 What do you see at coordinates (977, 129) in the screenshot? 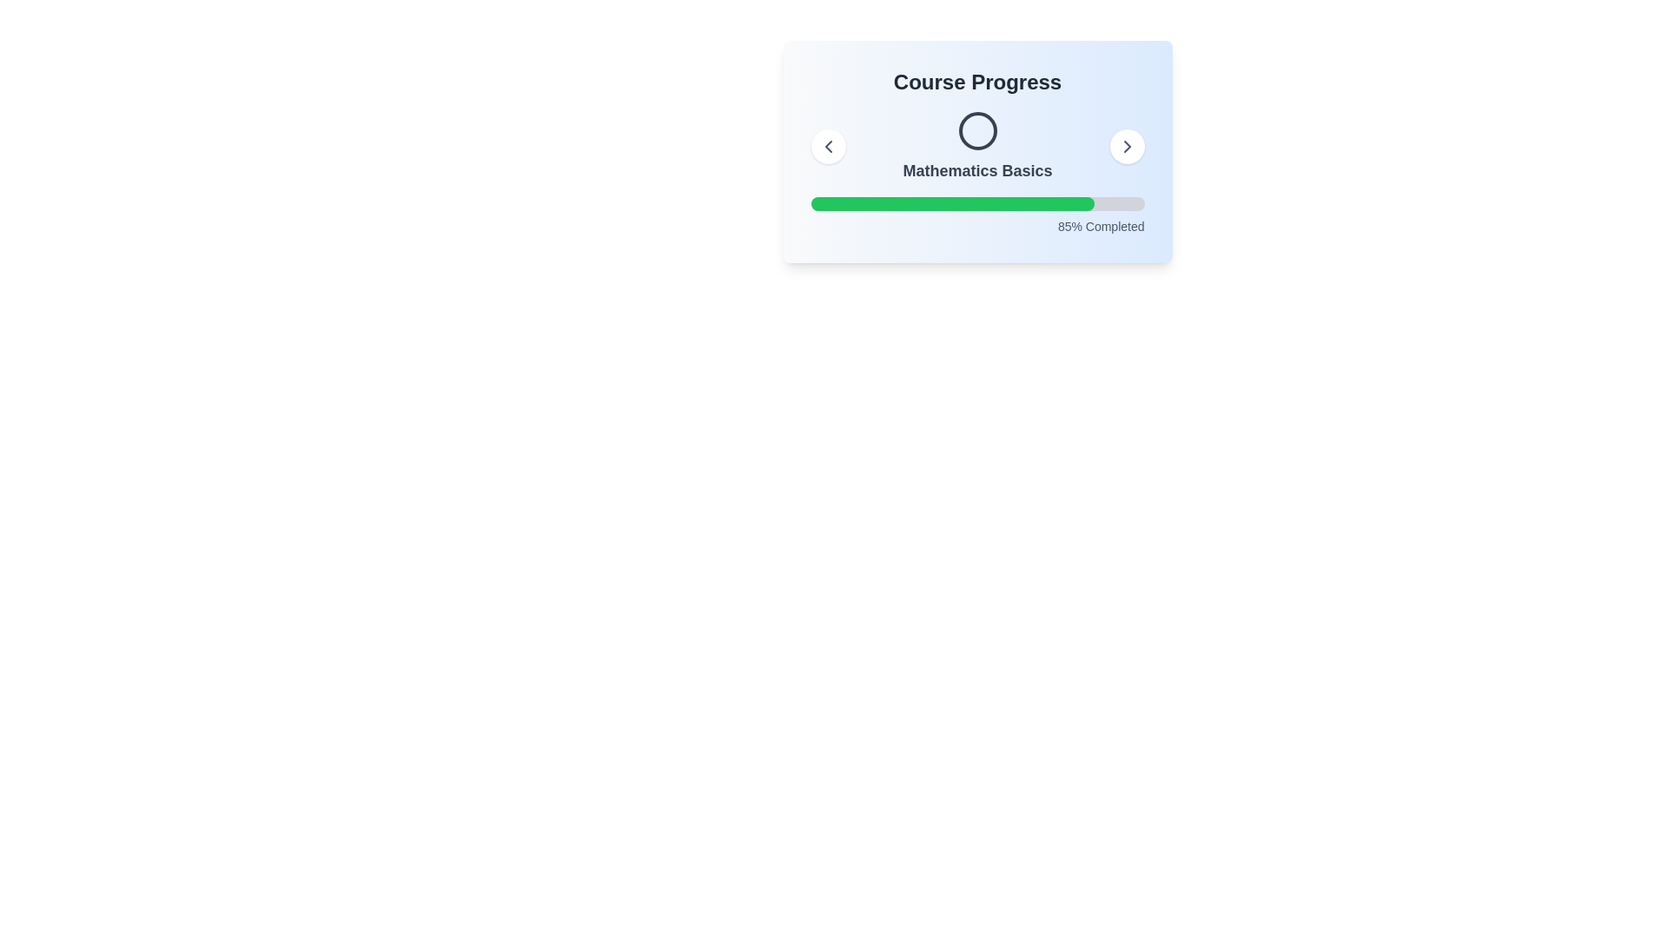
I see `the circular icon located centrally above the text label 'Mathematics Basics' in the text-centered layout group` at bounding box center [977, 129].